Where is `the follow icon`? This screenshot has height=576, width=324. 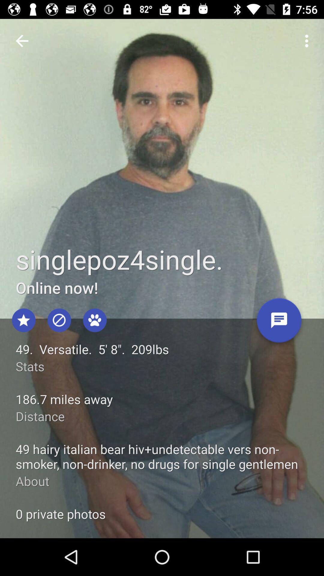 the follow icon is located at coordinates (94, 320).